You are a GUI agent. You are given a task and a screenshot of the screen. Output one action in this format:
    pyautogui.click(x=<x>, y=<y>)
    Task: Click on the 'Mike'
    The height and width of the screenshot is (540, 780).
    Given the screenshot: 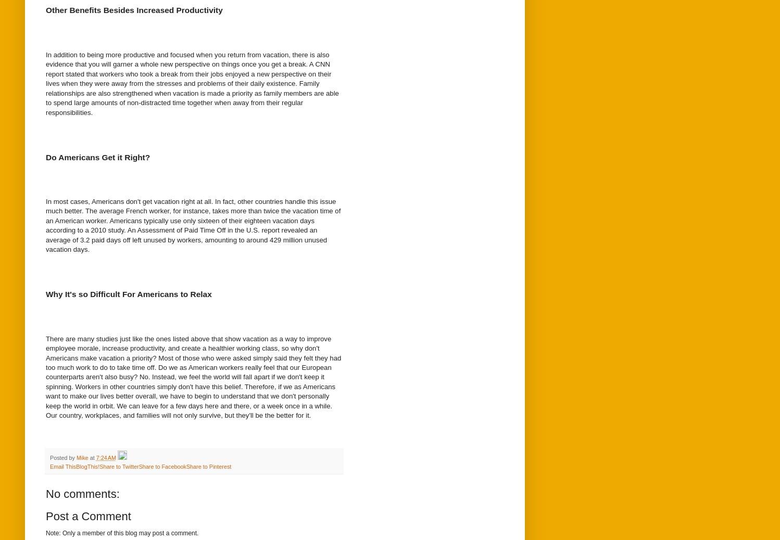 What is the action you would take?
    pyautogui.click(x=82, y=457)
    